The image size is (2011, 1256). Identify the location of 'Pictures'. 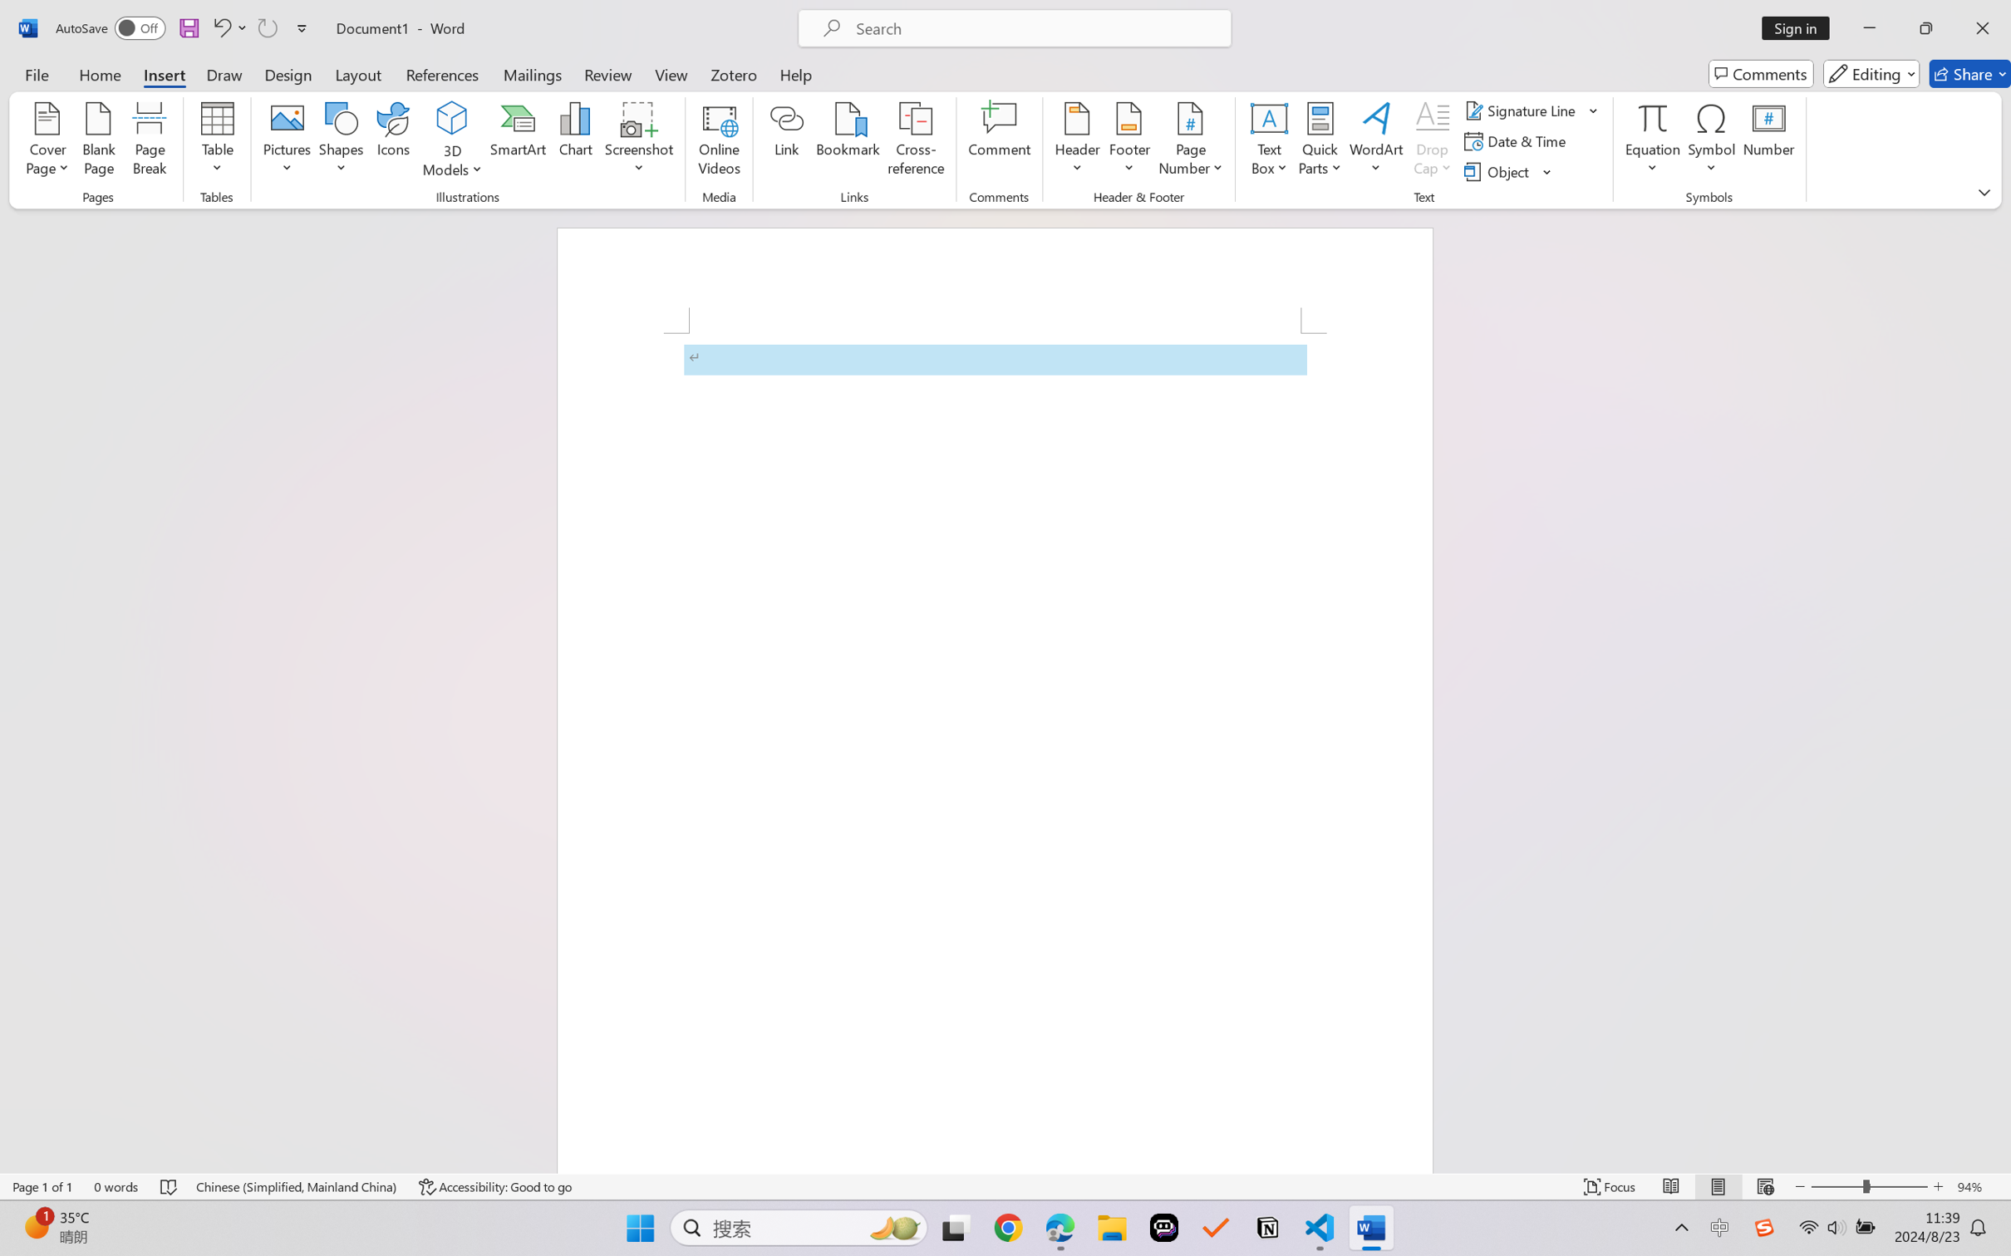
(288, 141).